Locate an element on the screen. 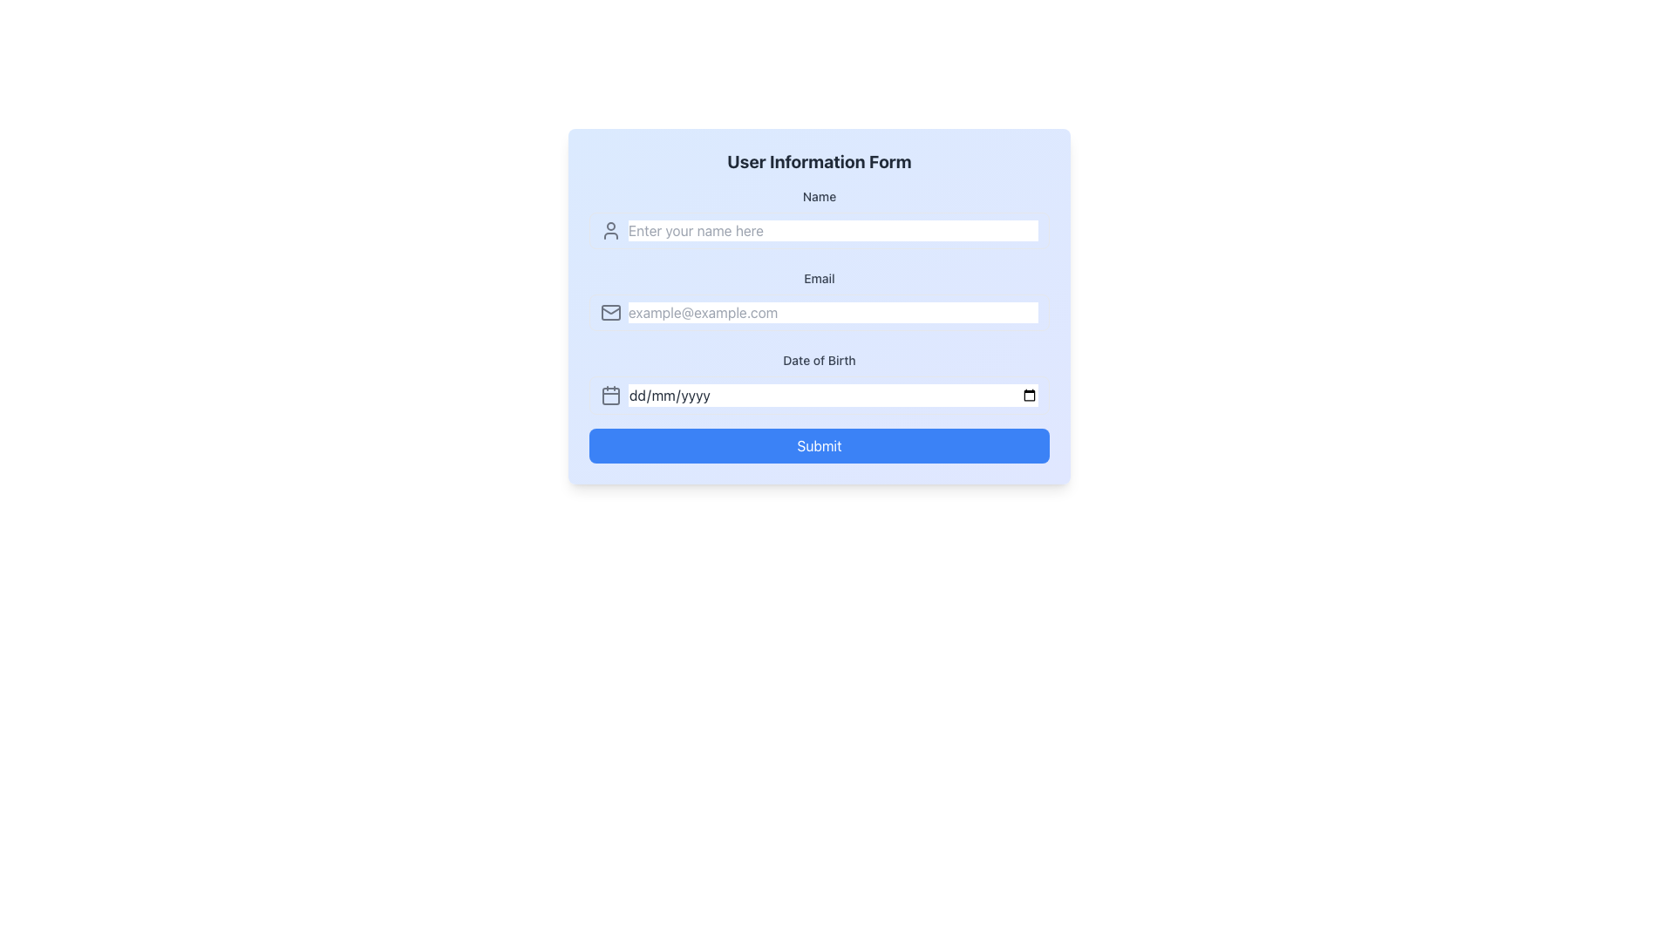 The height and width of the screenshot is (941, 1674). the graphical calendar icon with a gray outline, located to the left of the 'Date of Birth' input field is located at coordinates (610, 396).